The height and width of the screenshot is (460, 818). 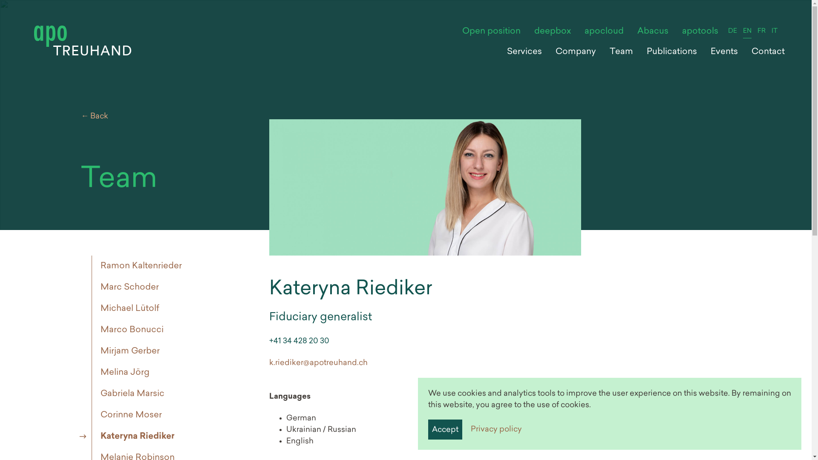 What do you see at coordinates (576, 52) in the screenshot?
I see `'Company'` at bounding box center [576, 52].